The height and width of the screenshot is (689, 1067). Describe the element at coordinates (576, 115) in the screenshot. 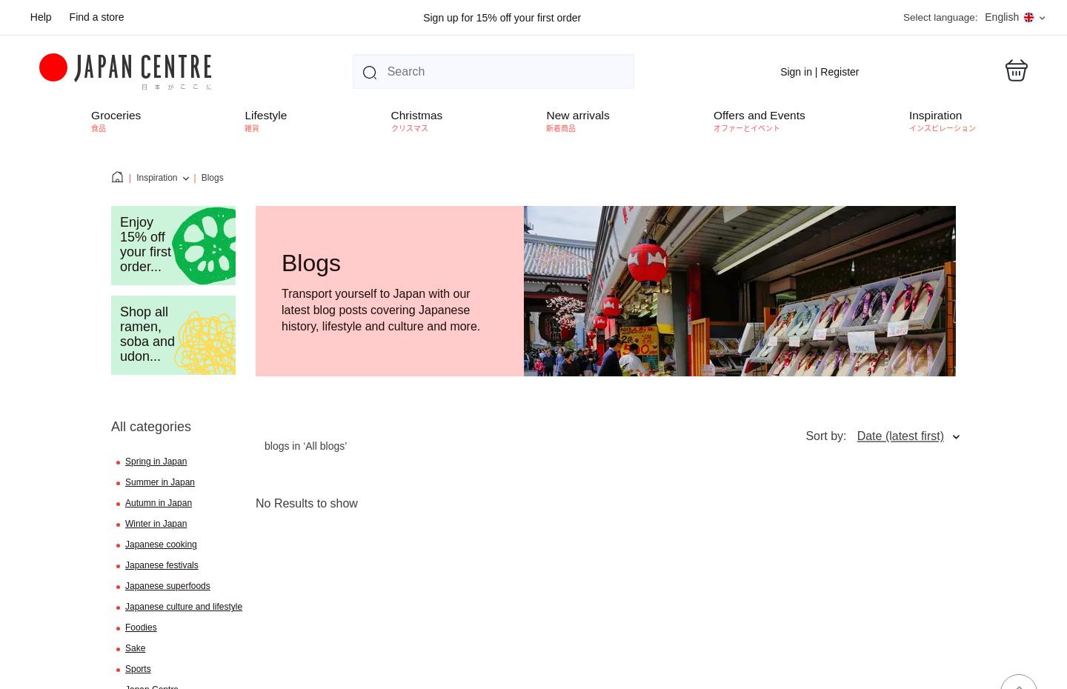

I see `'New arrivals'` at that location.